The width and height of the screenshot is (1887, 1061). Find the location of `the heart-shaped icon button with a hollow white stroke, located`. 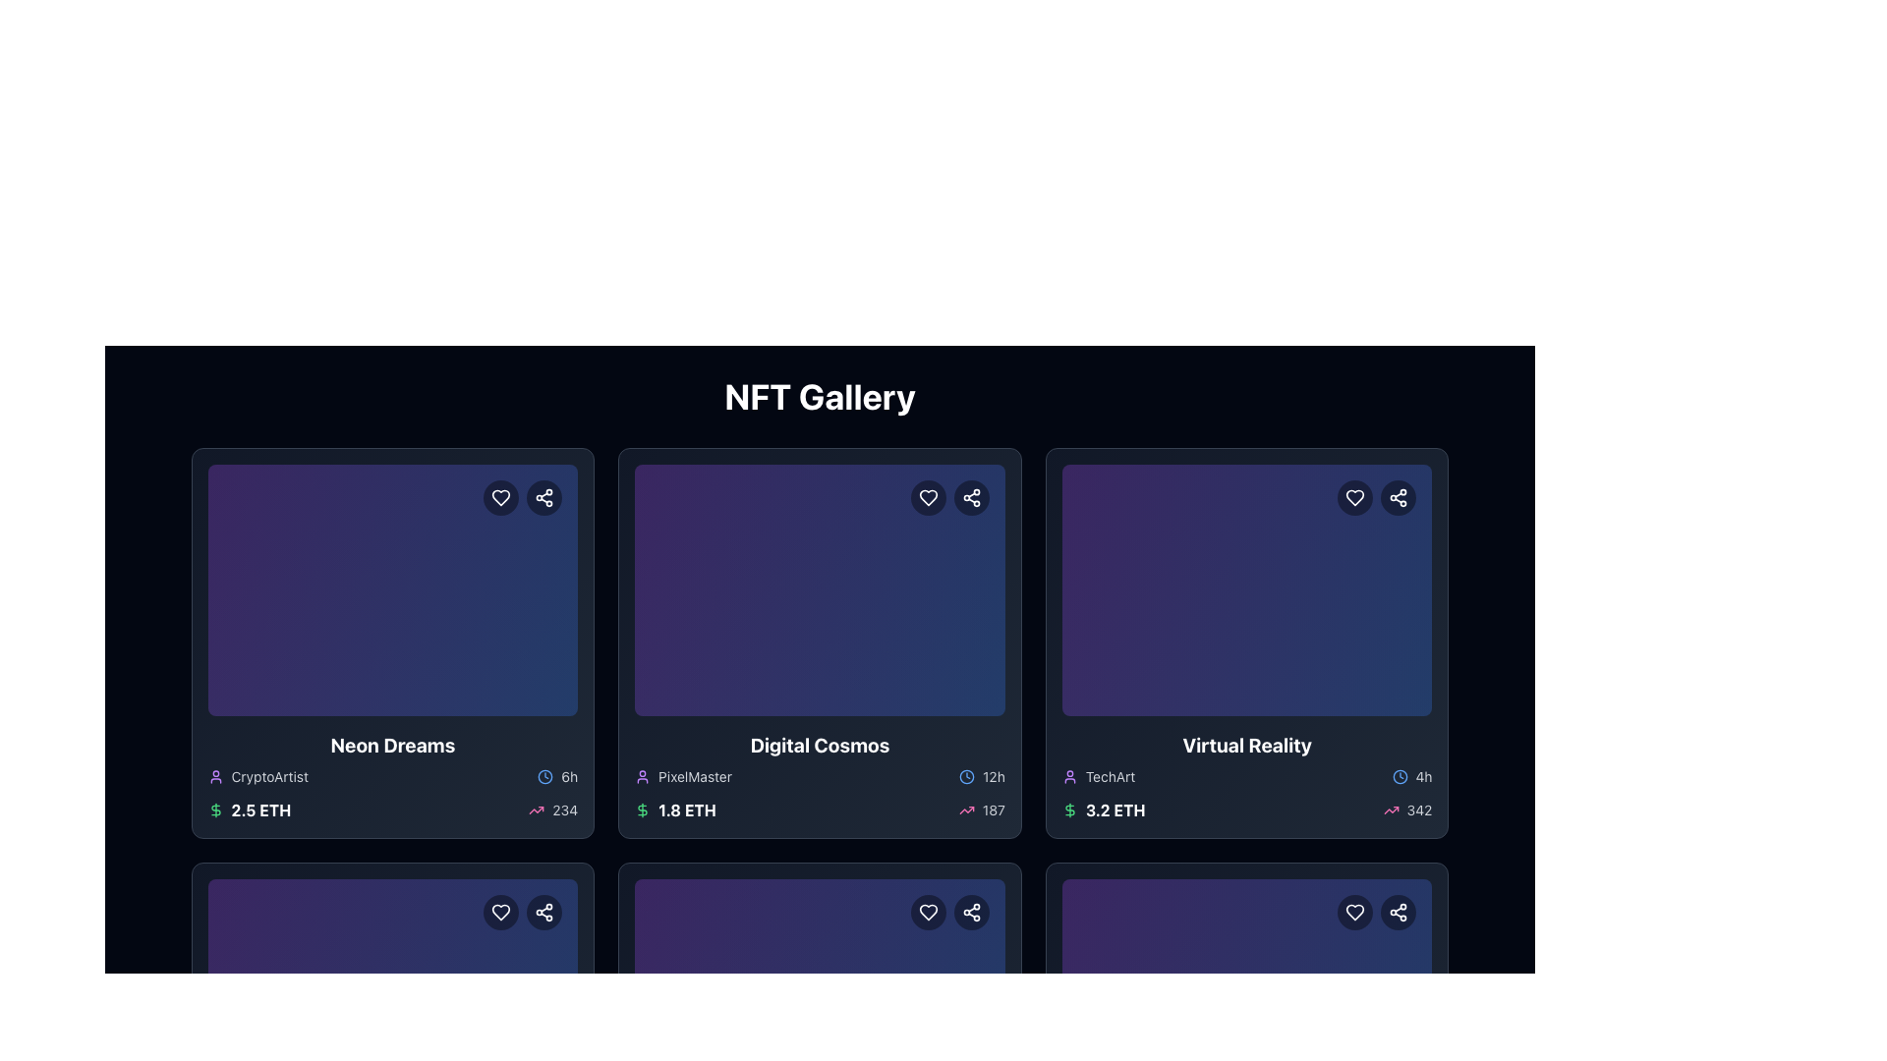

the heart-shaped icon button with a hollow white stroke, located is located at coordinates (501, 913).